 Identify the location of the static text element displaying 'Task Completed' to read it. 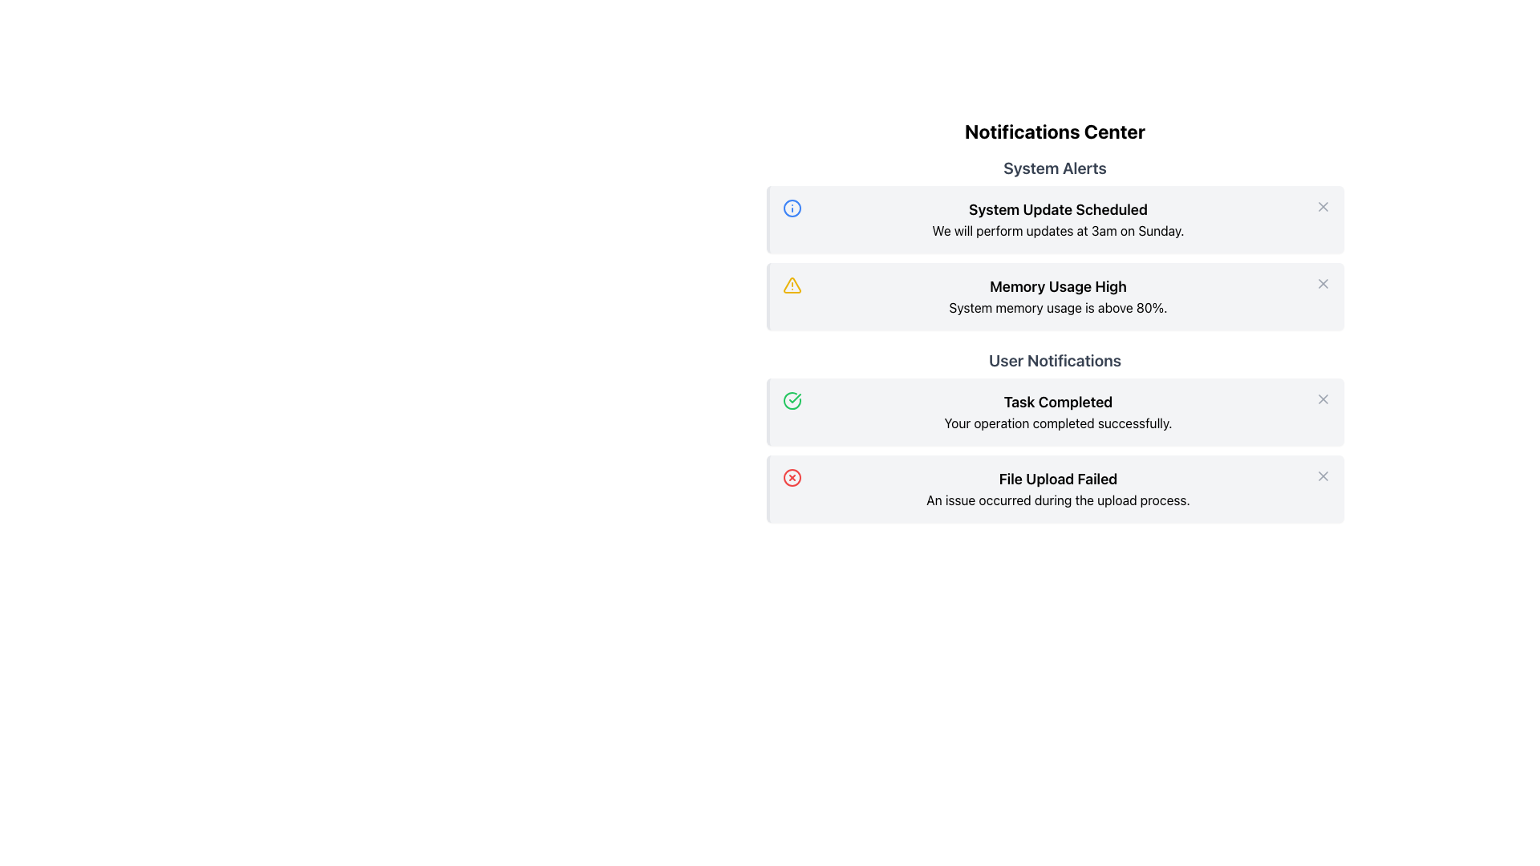
(1058, 401).